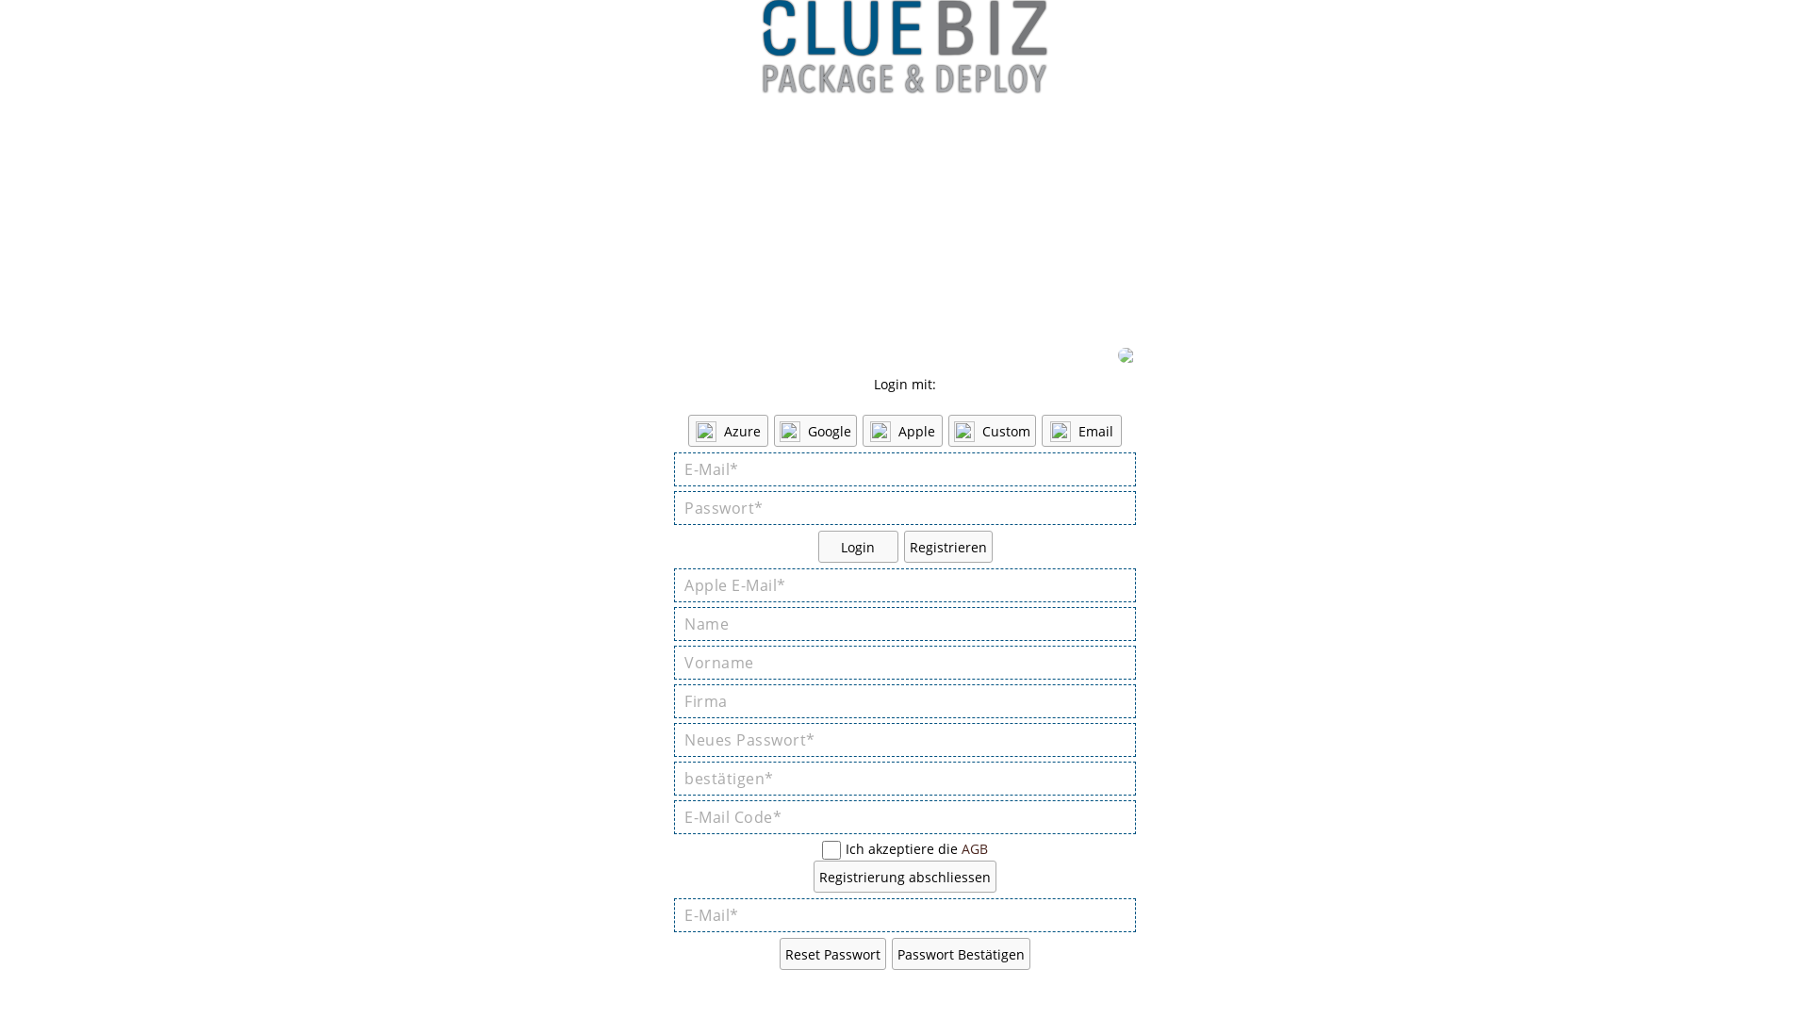  What do you see at coordinates (857, 546) in the screenshot?
I see `'Login'` at bounding box center [857, 546].